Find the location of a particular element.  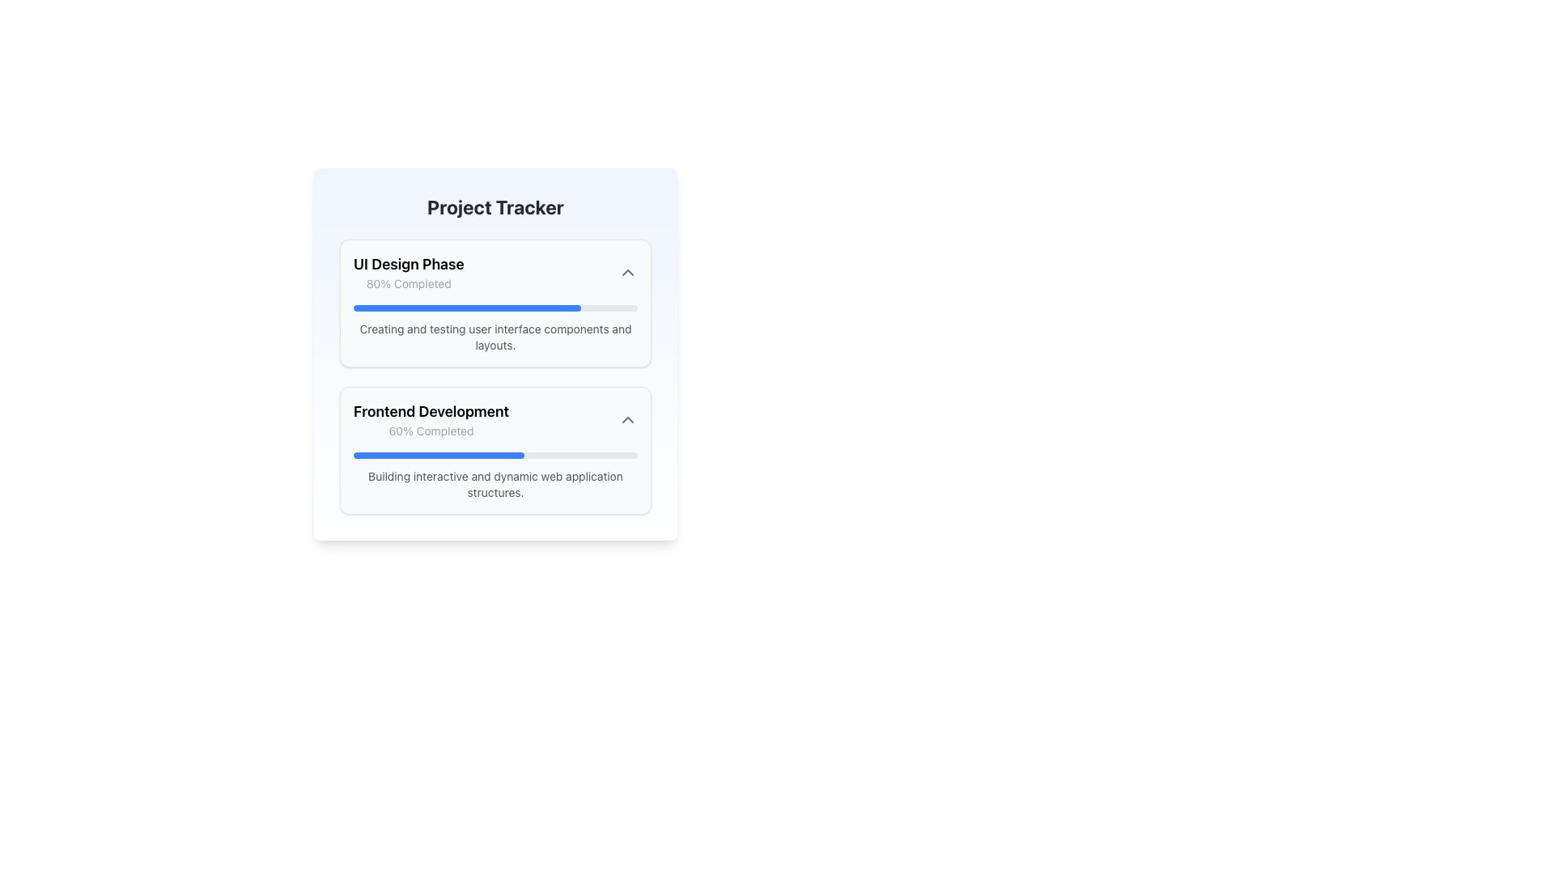

text displayed in the UI Design Phase section, which shows 'UI Design Phase' in bold and '80% Completed' in smaller gray text is located at coordinates (409, 271).